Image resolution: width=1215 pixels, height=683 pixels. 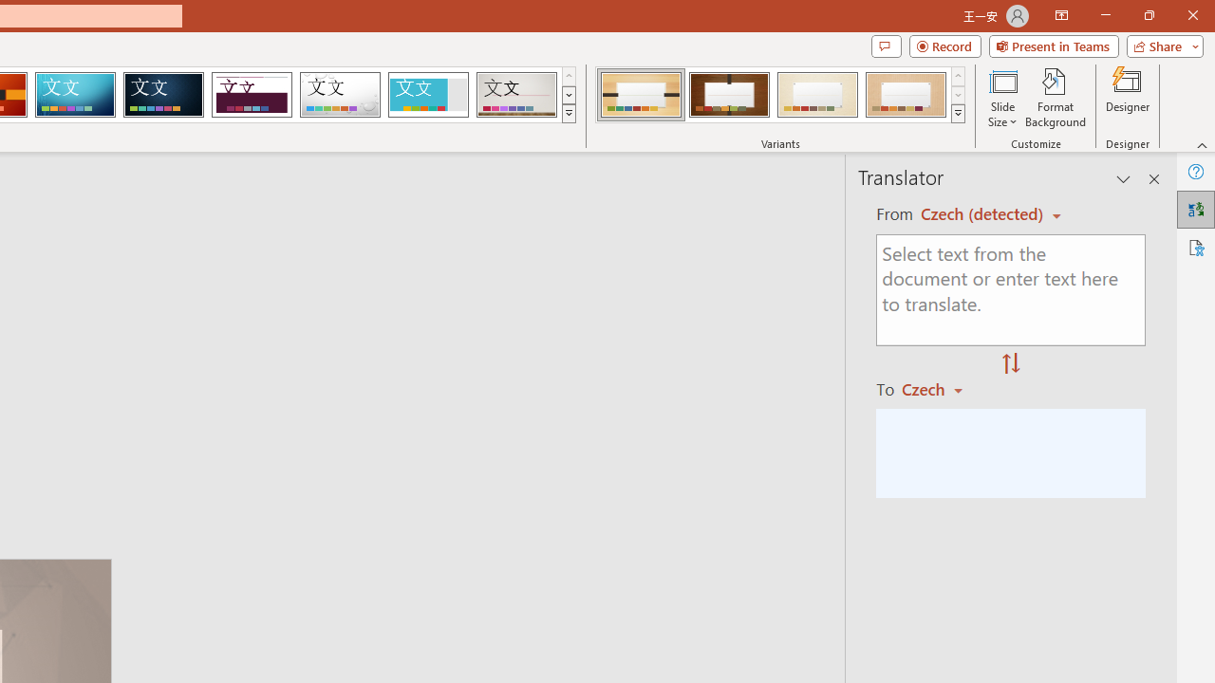 I want to click on 'Circuit', so click(x=75, y=95).